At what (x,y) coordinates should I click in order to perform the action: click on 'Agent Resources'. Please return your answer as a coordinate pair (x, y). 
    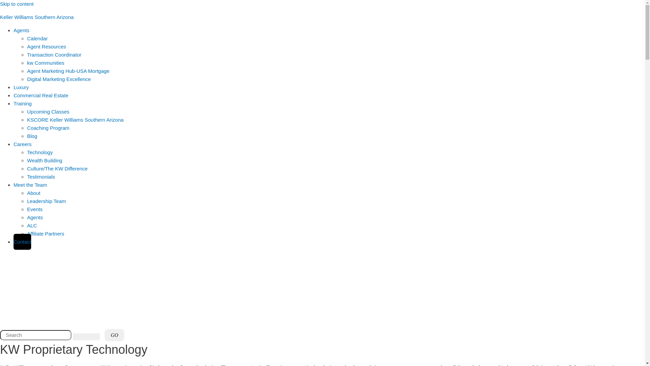
    Looking at the image, I should click on (46, 46).